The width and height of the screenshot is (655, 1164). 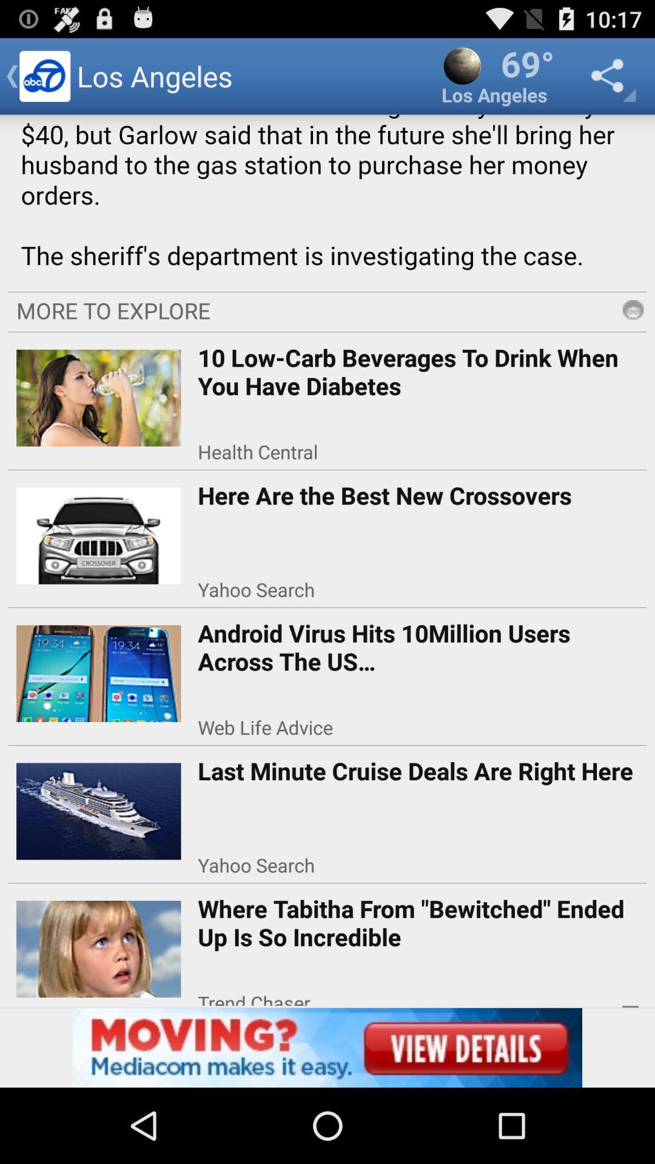 I want to click on news page, so click(x=327, y=199).